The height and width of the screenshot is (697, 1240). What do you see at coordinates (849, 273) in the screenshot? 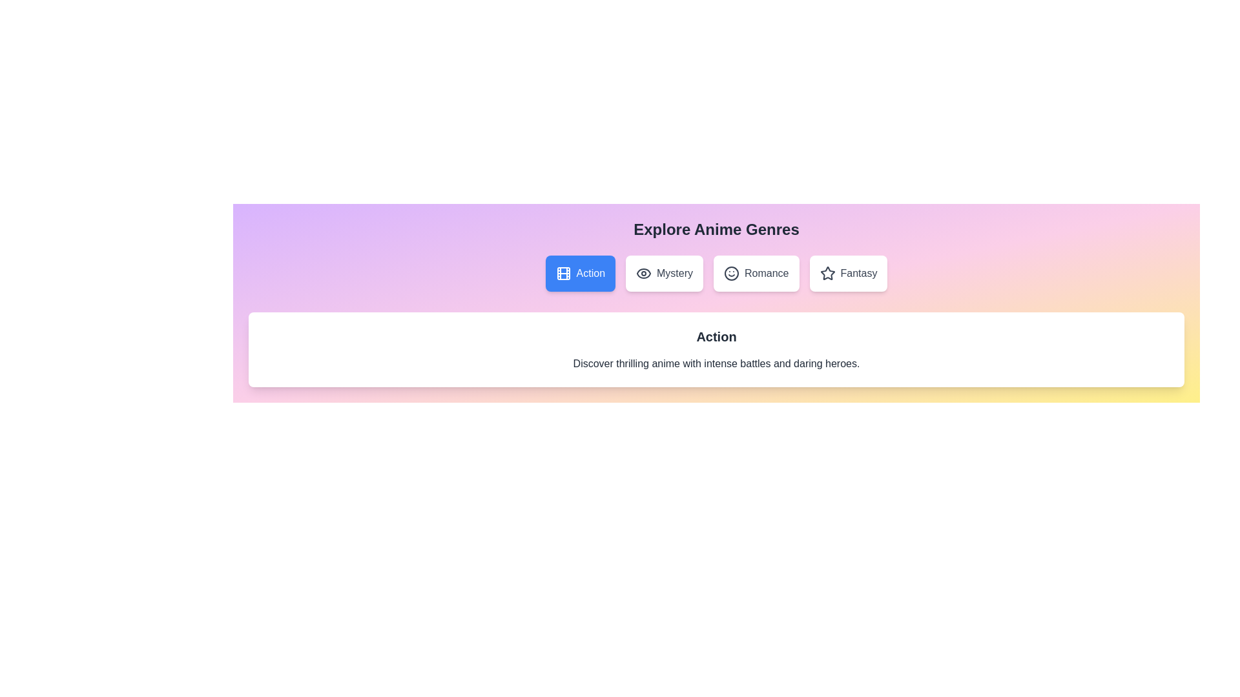
I see `the genre Fantasy by clicking on its corresponding button` at bounding box center [849, 273].